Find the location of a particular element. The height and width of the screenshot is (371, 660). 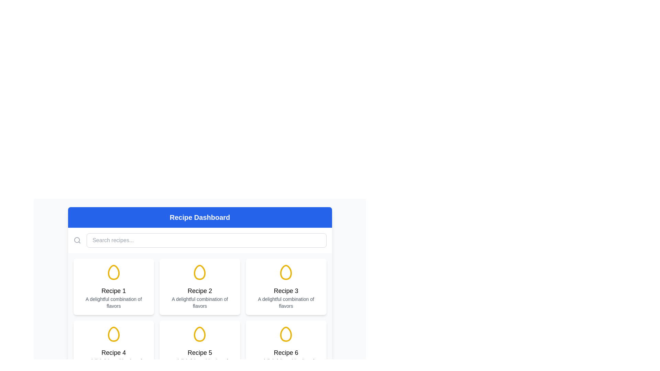

the second recipe card in the grid layout that displays details about a specific recipe is located at coordinates (199, 286).